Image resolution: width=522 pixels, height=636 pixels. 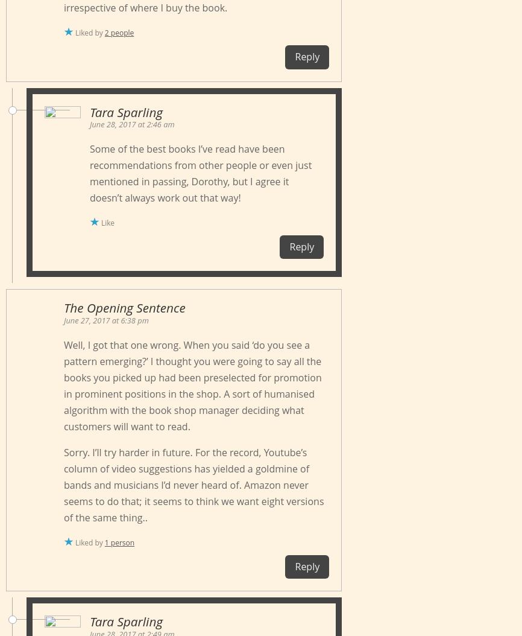 I want to click on 'Like', so click(x=108, y=223).